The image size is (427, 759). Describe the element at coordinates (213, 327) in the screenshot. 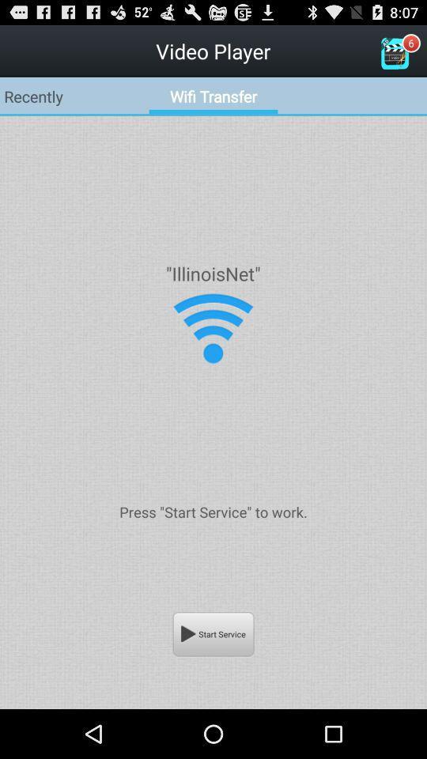

I see `icon above the press start service icon` at that location.